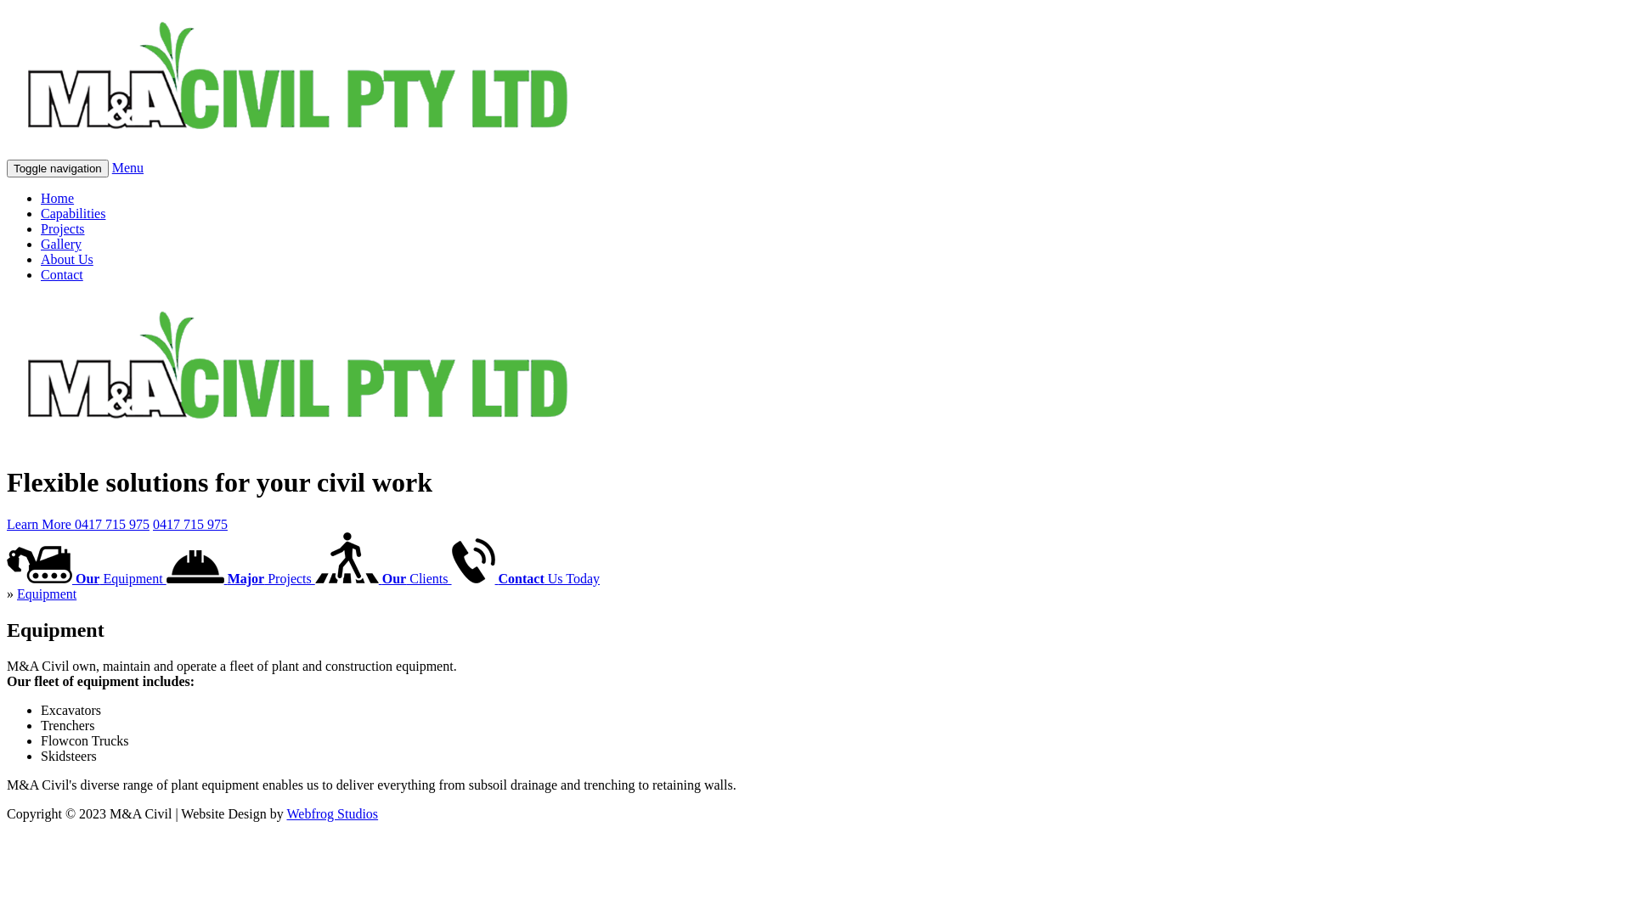  Describe the element at coordinates (525, 577) in the screenshot. I see `'Contact Us Today'` at that location.